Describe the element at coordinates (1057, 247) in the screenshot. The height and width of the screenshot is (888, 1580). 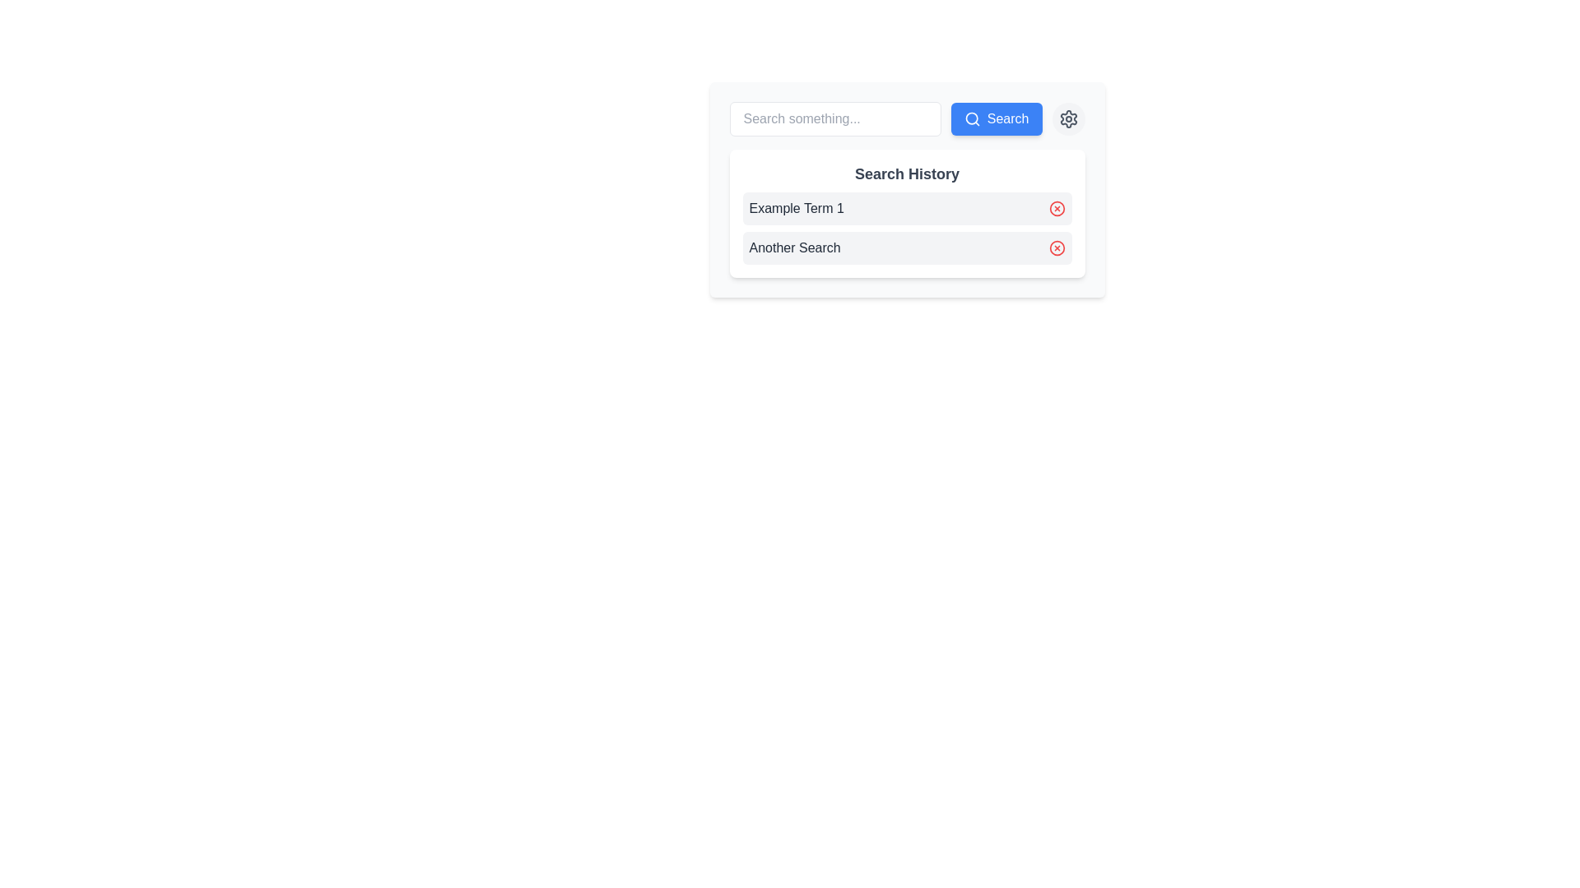
I see `the circular SVG graphical component that is part of the search history items, located near the second entry and aligned closer to the right edge of the interface` at that location.